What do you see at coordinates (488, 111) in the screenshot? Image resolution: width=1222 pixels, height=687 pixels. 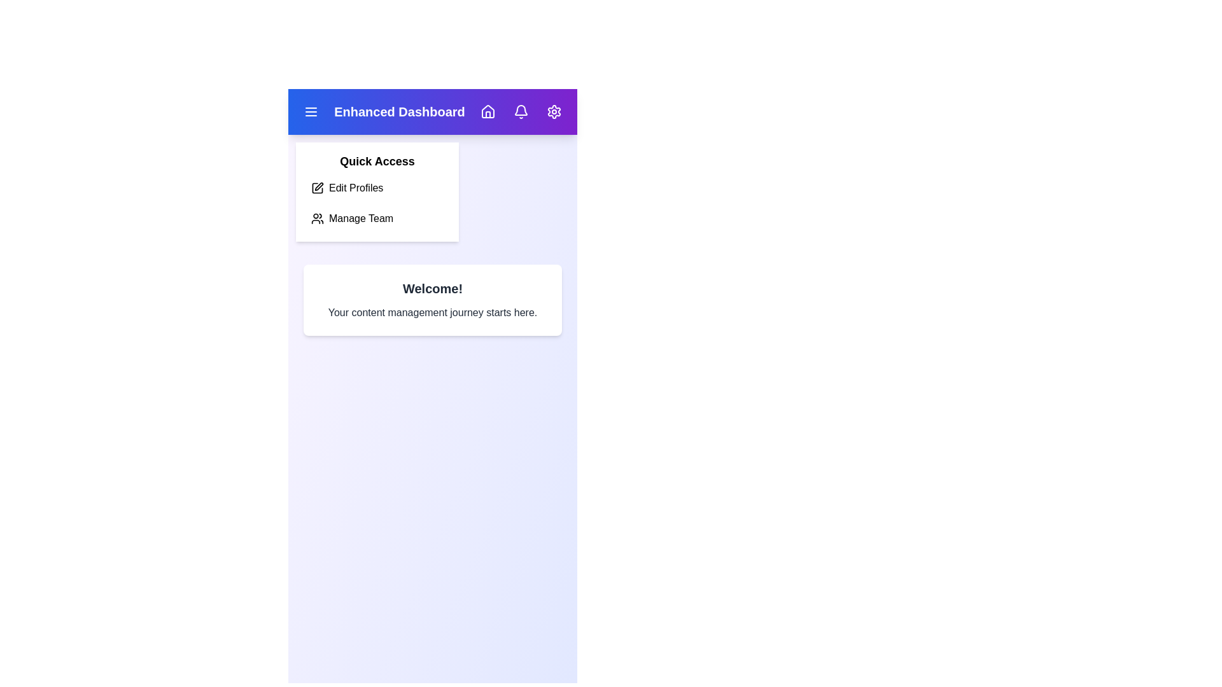 I see `the Home icon to navigate to the Home section` at bounding box center [488, 111].